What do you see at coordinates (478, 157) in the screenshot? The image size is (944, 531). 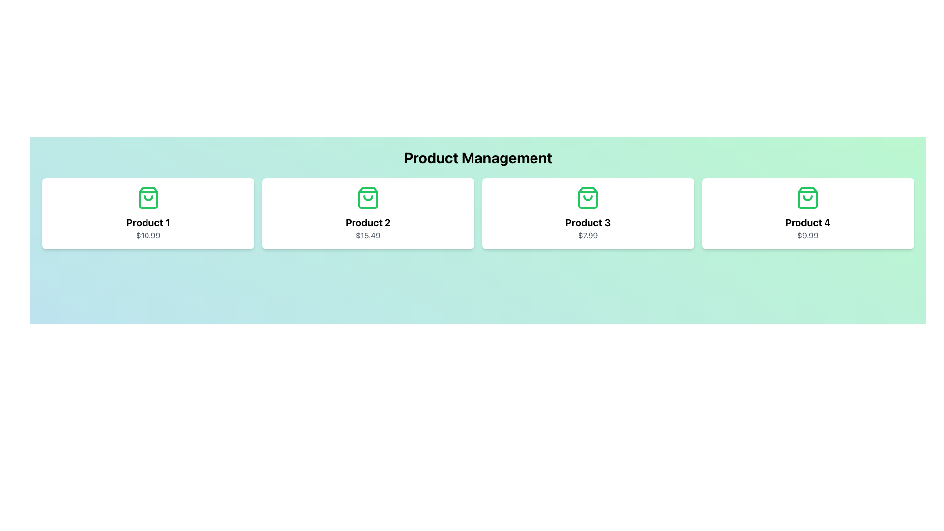 I see `text element displaying 'Product Management' which is bold and centered at the top of the interface` at bounding box center [478, 157].